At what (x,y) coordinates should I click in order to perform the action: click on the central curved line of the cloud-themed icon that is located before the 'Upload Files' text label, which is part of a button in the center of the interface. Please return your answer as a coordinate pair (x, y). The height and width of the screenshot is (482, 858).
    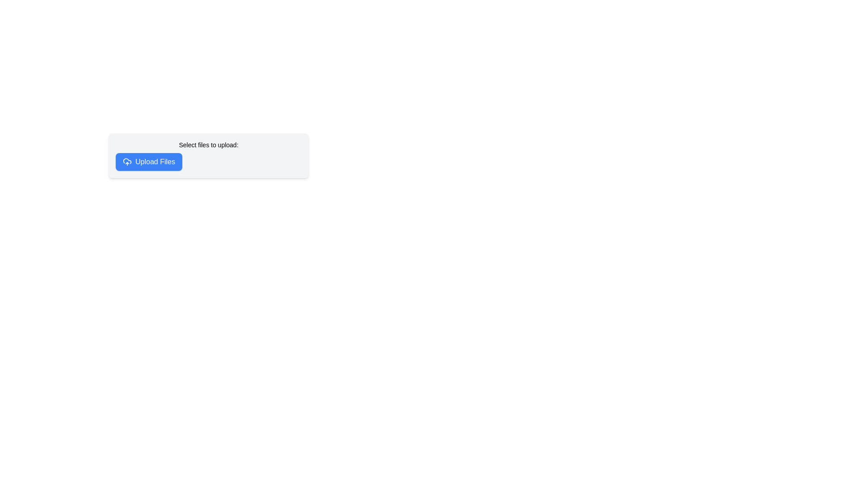
    Looking at the image, I should click on (126, 161).